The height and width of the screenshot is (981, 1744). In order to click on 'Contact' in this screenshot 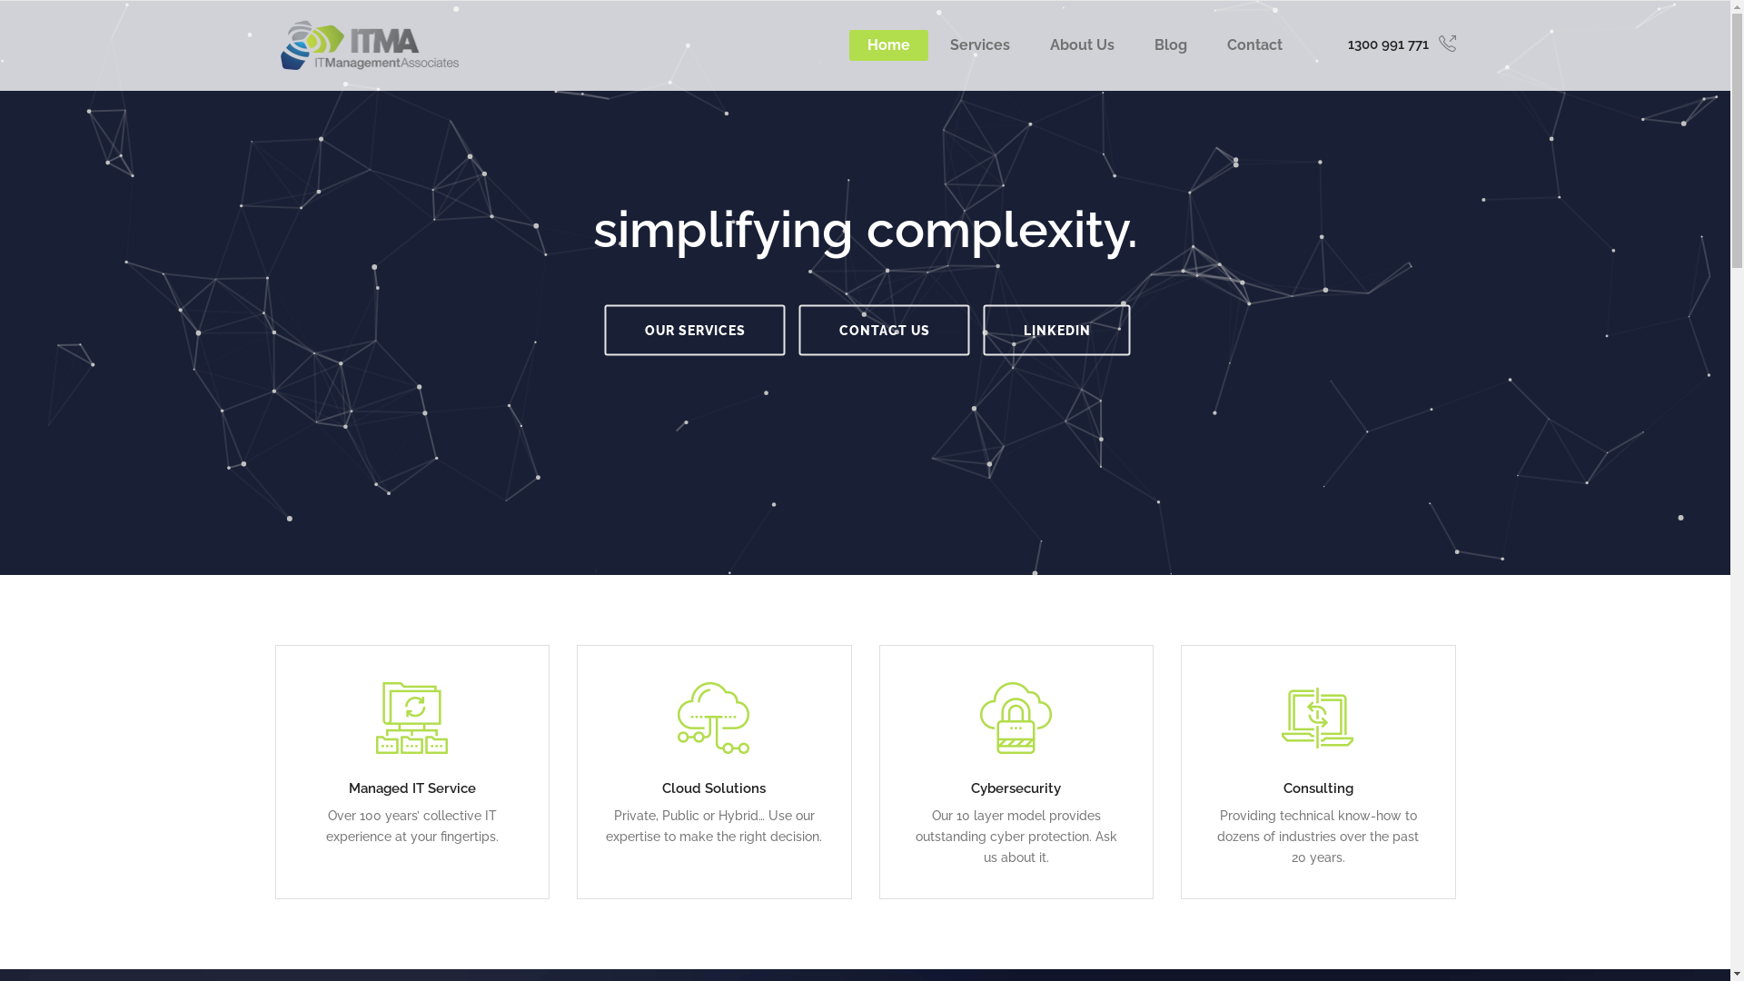, I will do `click(1253, 45)`.